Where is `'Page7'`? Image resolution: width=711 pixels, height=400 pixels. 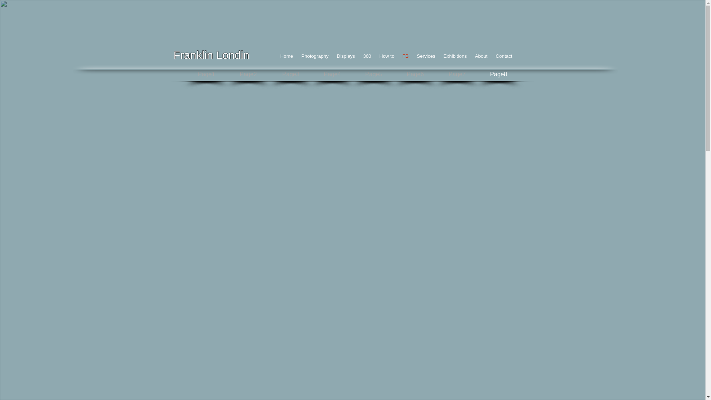
'Page7' is located at coordinates (457, 74).